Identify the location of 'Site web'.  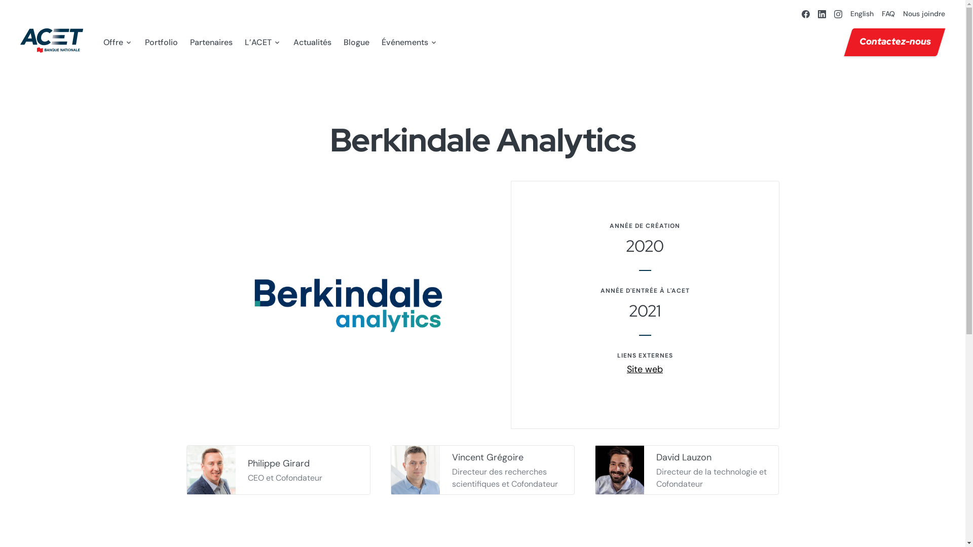
(644, 369).